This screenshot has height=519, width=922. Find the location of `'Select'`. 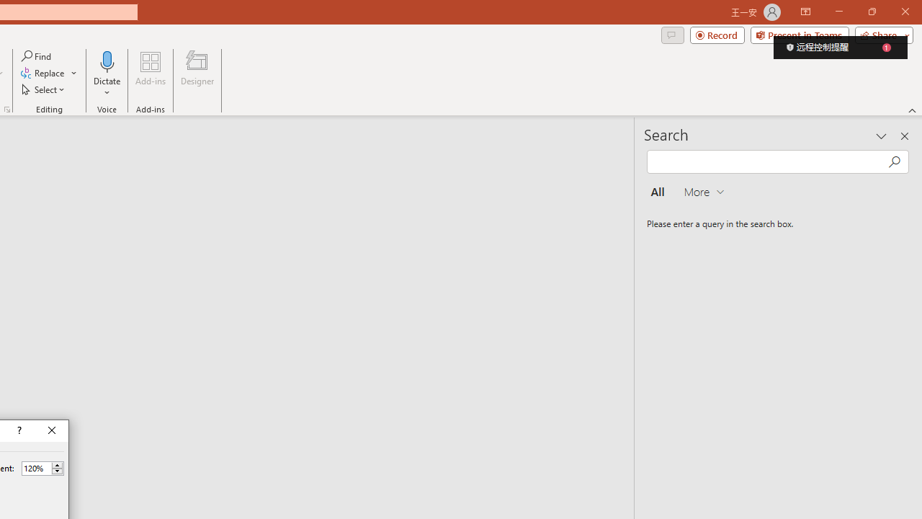

'Select' is located at coordinates (44, 89).